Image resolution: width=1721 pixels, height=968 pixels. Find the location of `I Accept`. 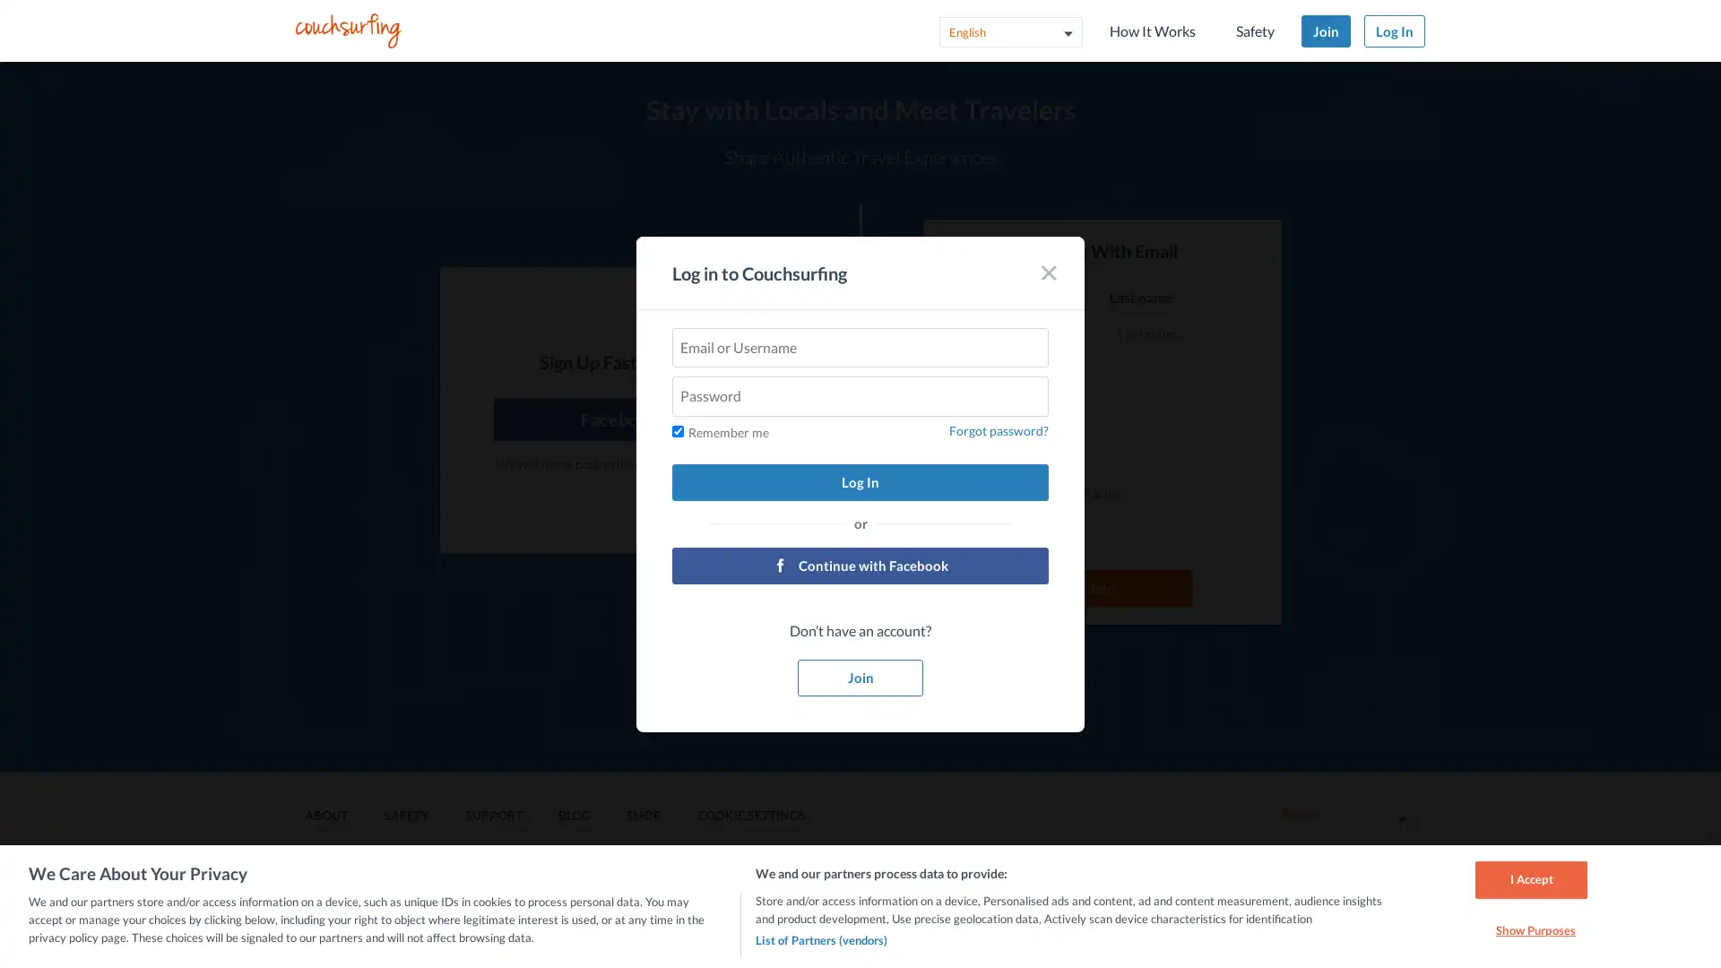

I Accept is located at coordinates (1530, 878).